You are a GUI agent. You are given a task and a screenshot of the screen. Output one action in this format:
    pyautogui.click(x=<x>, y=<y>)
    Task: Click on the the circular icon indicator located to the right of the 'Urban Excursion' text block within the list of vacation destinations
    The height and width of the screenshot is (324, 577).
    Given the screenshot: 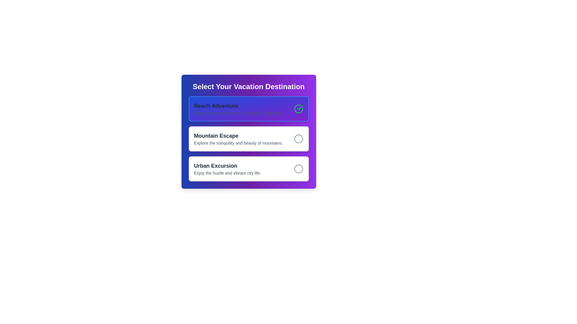 What is the action you would take?
    pyautogui.click(x=298, y=169)
    